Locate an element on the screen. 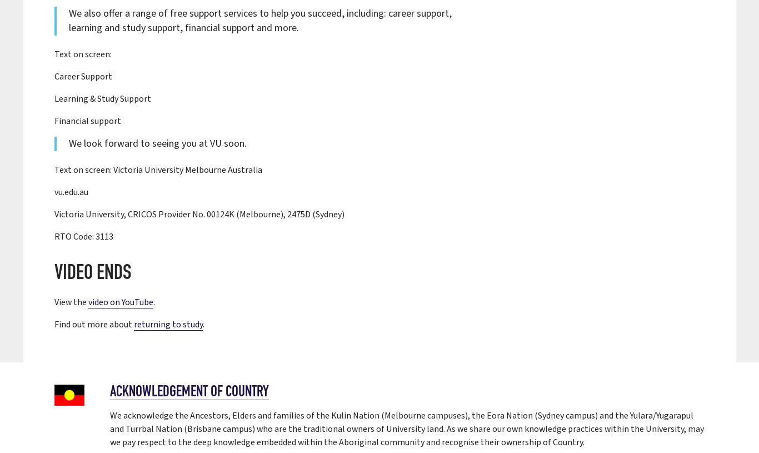 This screenshot has width=759, height=453. 'video on YouTube' is located at coordinates (120, 302).